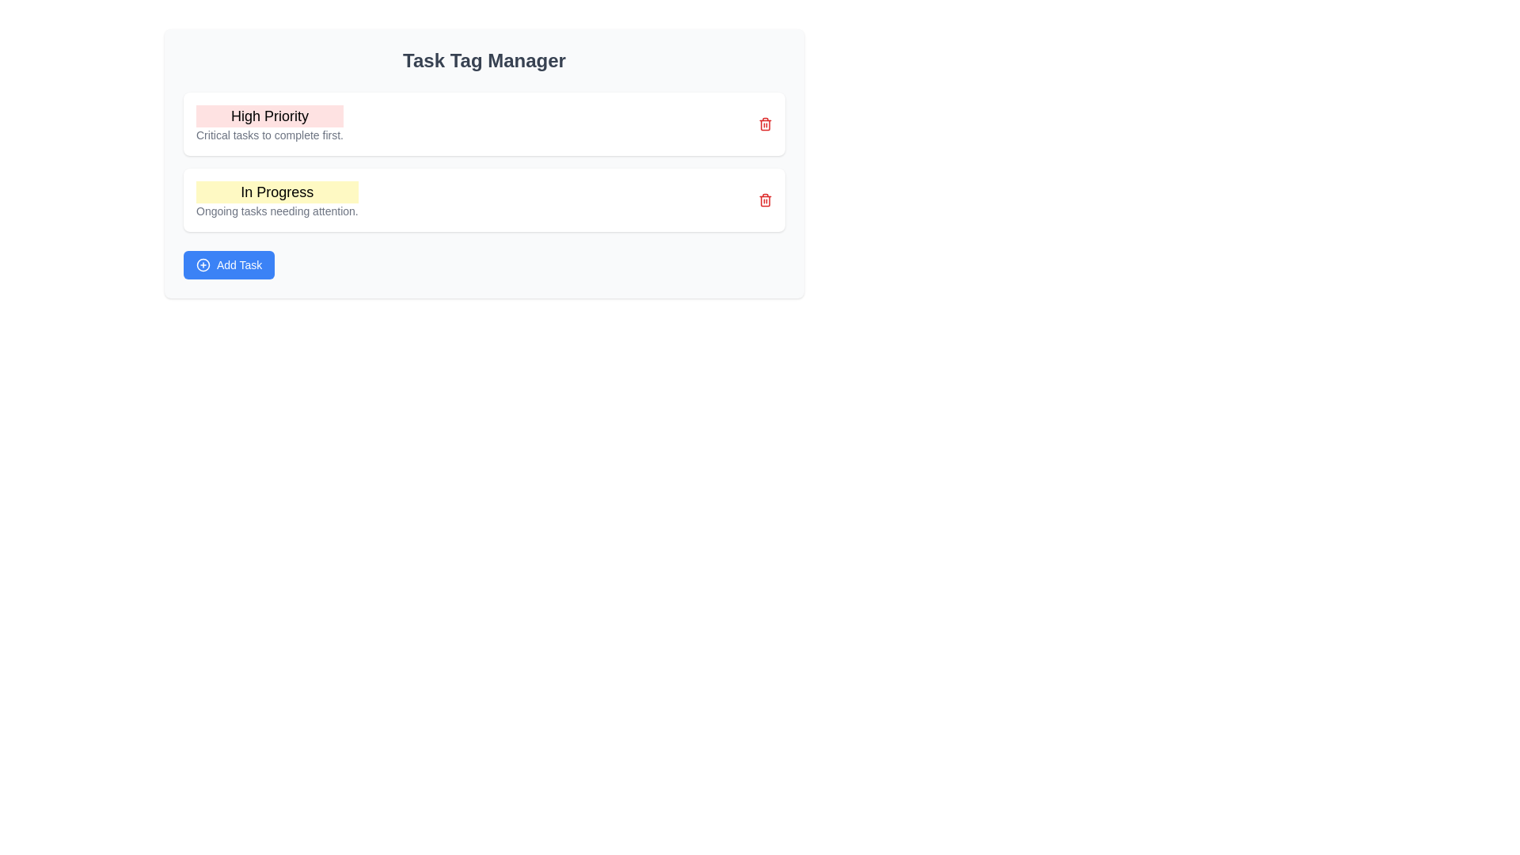  What do you see at coordinates (765, 123) in the screenshot?
I see `the small red trash icon button located at the top-right corner of the 'High Priority' card` at bounding box center [765, 123].